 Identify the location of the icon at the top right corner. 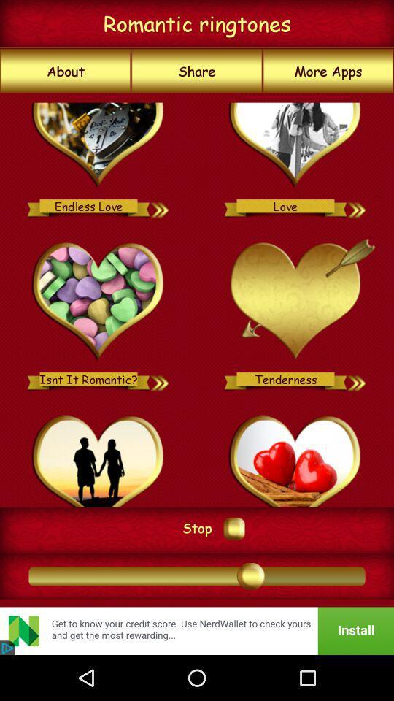
(328, 71).